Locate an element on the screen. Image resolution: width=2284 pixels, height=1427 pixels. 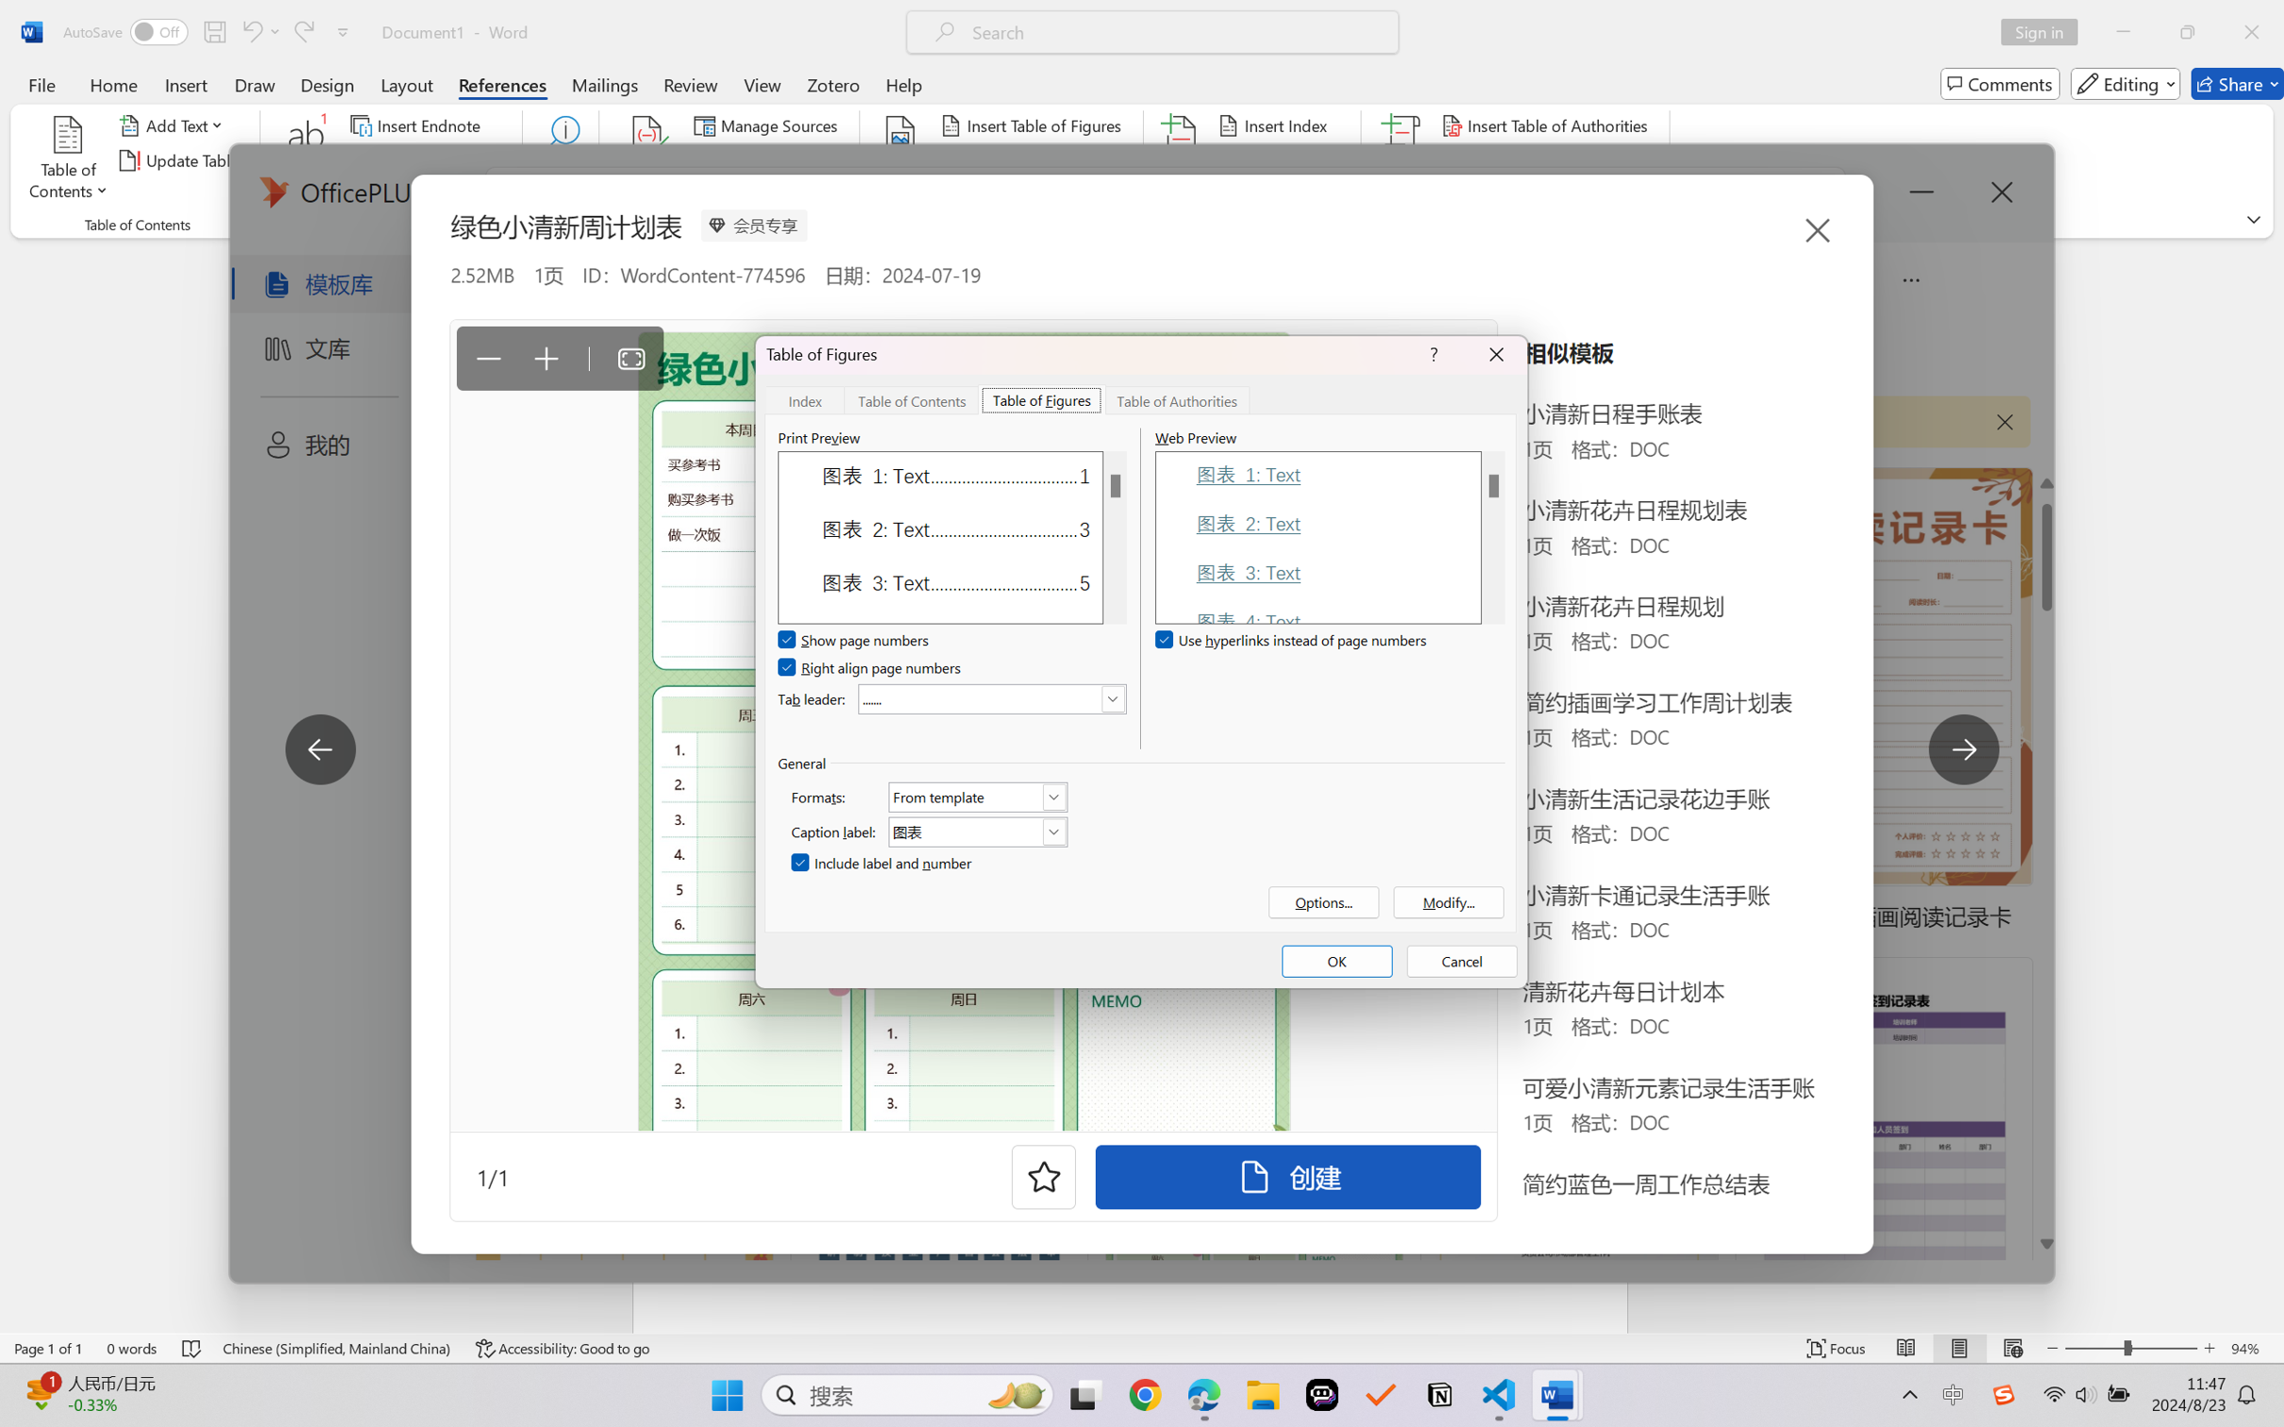
'Show page numbers' is located at coordinates (855, 641).